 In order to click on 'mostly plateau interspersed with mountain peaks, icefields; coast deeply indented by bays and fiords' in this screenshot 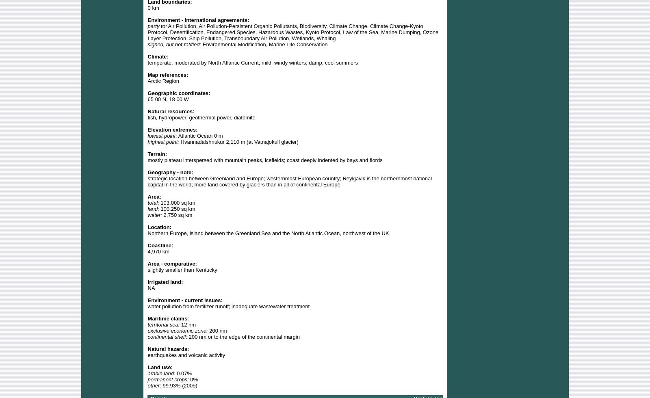, I will do `click(265, 160)`.